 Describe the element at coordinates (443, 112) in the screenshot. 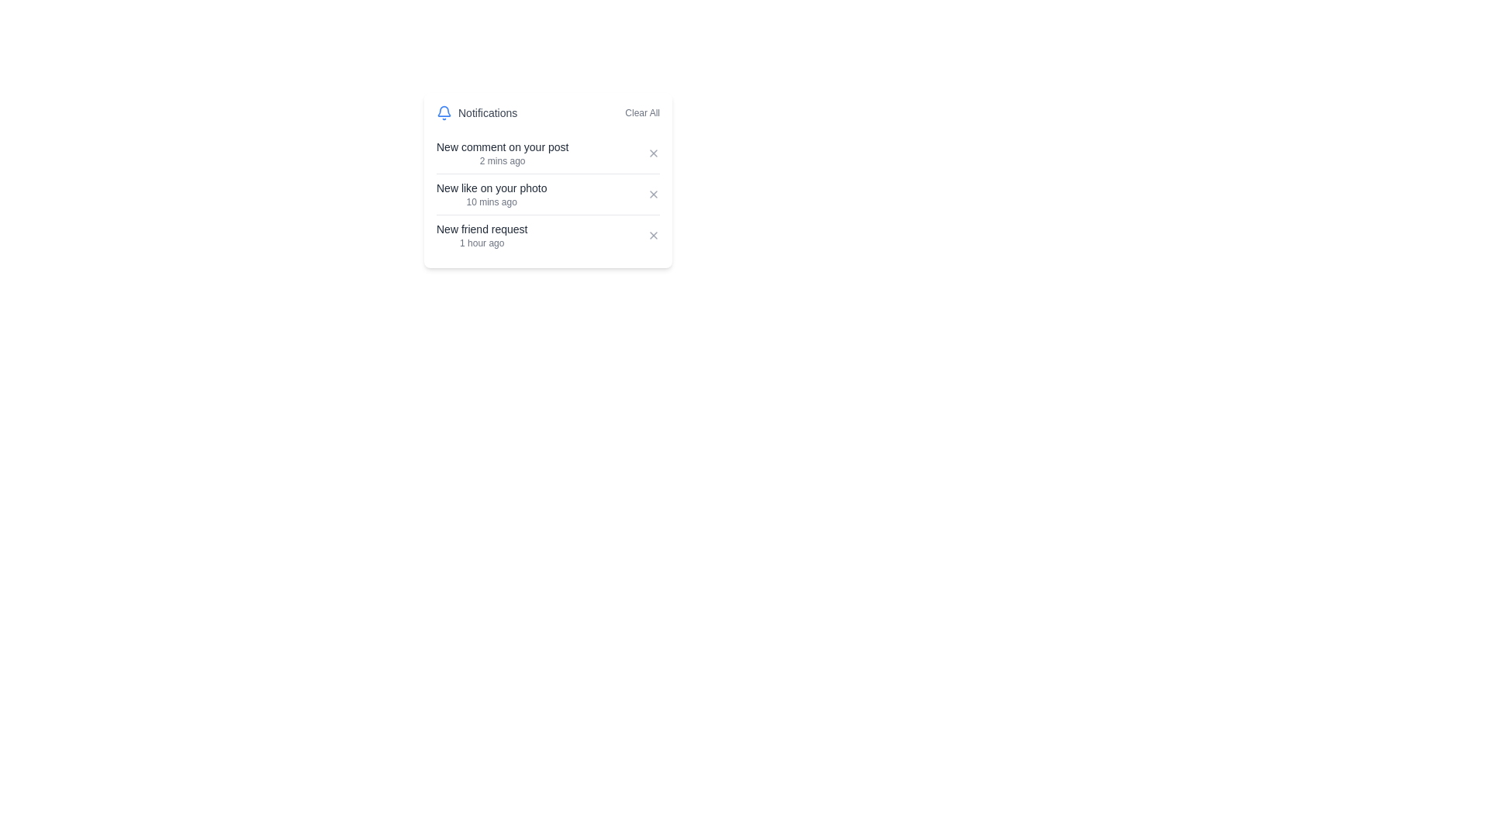

I see `the blue bell-shaped notification icon located to the left of the 'Notifications' text in the top-left area of the interface` at that location.